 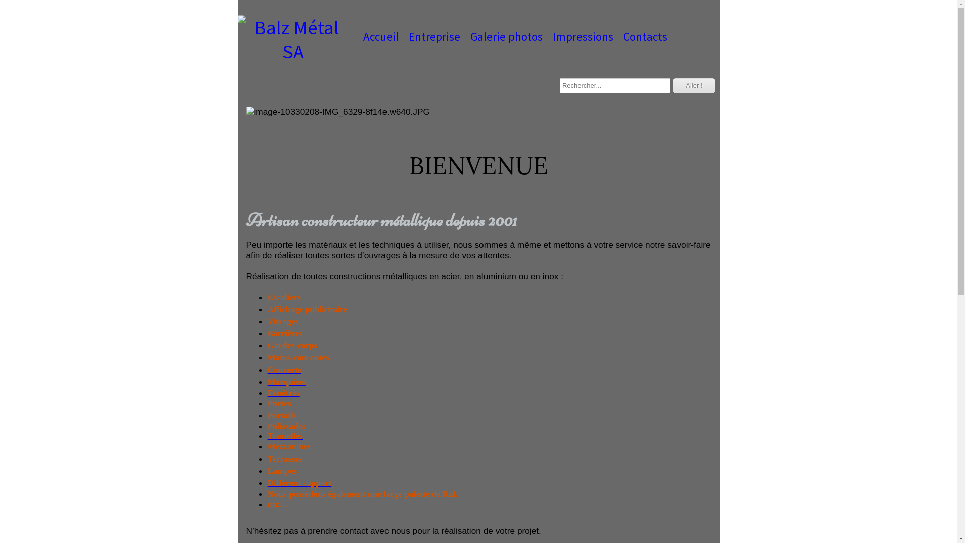 What do you see at coordinates (298, 357) in the screenshot?
I see `'Mains-courantes'` at bounding box center [298, 357].